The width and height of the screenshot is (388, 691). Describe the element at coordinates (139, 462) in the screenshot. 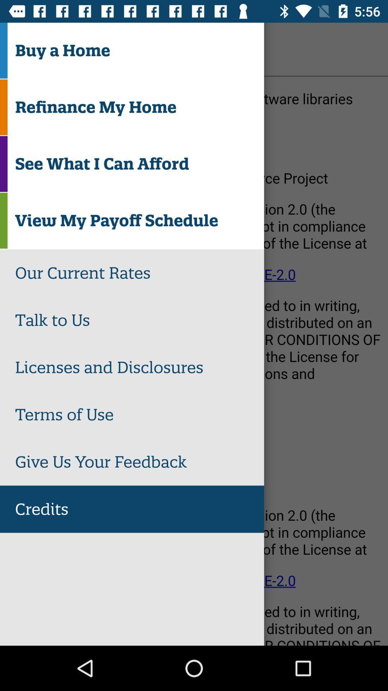

I see `icon below terms of use item` at that location.